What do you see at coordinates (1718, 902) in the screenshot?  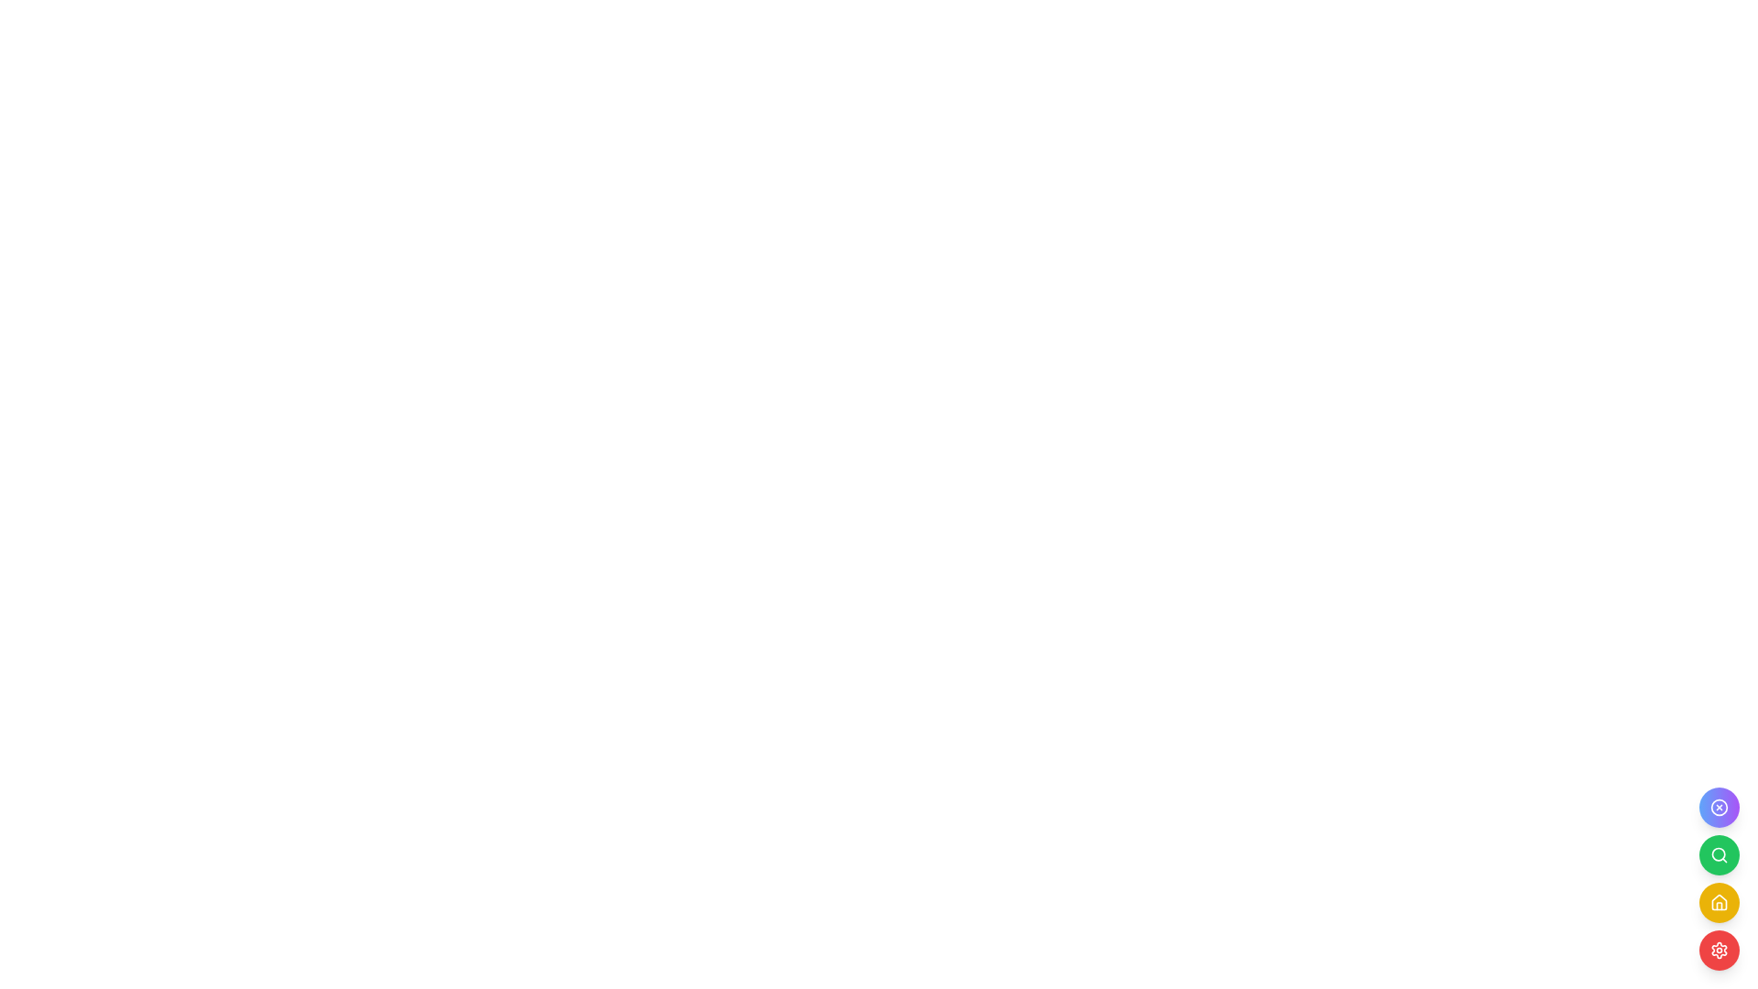 I see `the button that displays a house outline with a yellow background, located within the third button from the top in a vertical stack on the right side of the interface's lower portion` at bounding box center [1718, 902].